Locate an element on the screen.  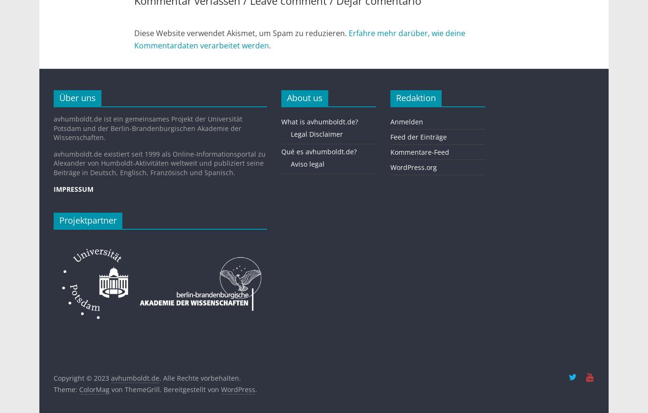
'Redaktion' is located at coordinates (395, 97).